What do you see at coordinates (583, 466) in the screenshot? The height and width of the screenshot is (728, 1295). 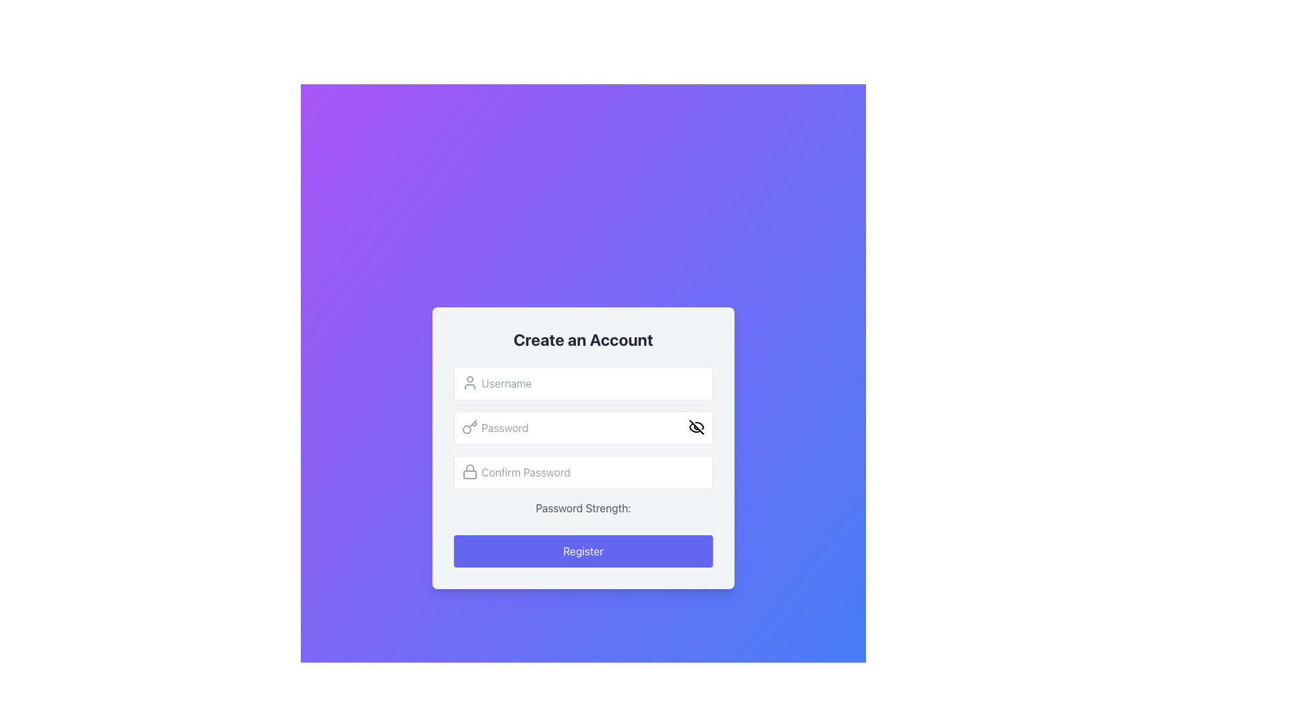 I see `to focus on the password confirmation input field located in the 'Create an Account' form, positioned below the Password field` at bounding box center [583, 466].